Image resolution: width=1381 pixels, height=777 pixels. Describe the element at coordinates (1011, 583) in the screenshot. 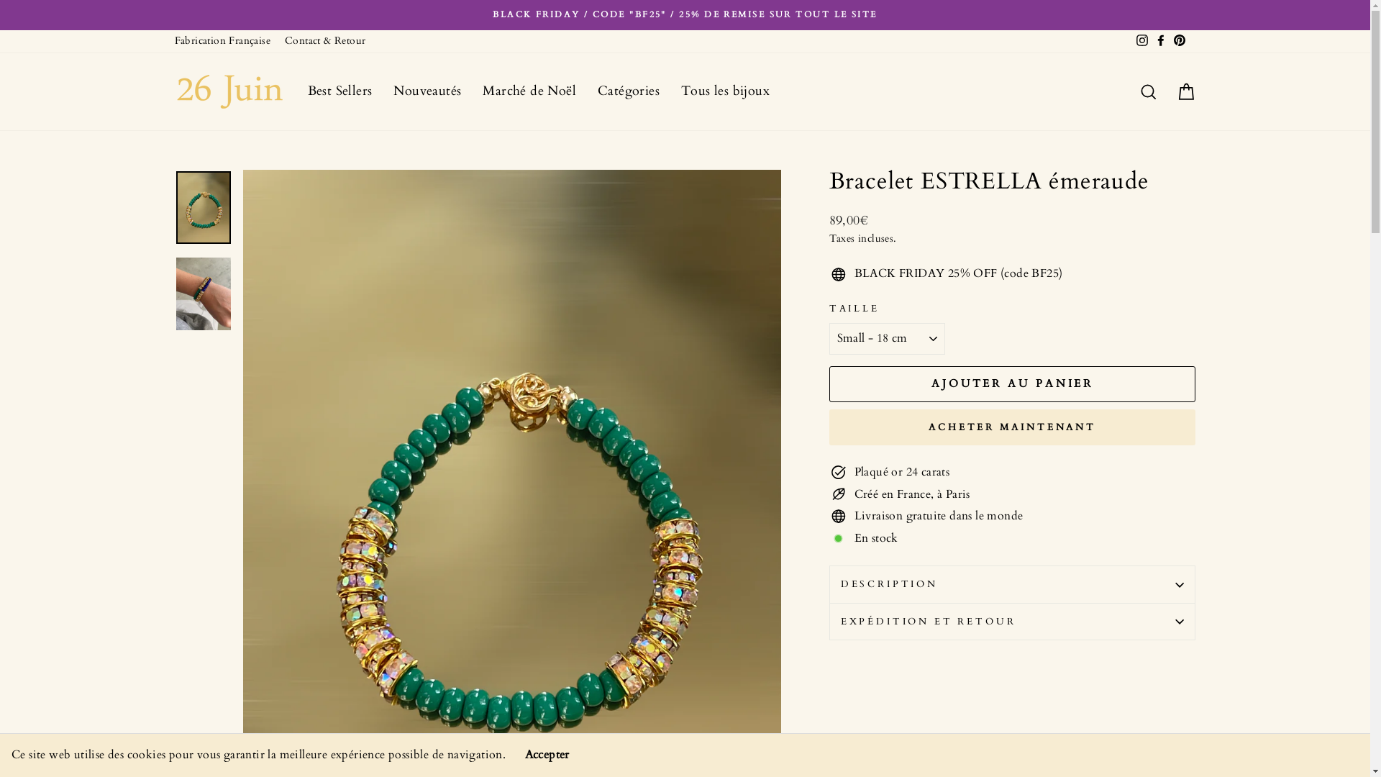

I see `'DESCRIPTION'` at that location.